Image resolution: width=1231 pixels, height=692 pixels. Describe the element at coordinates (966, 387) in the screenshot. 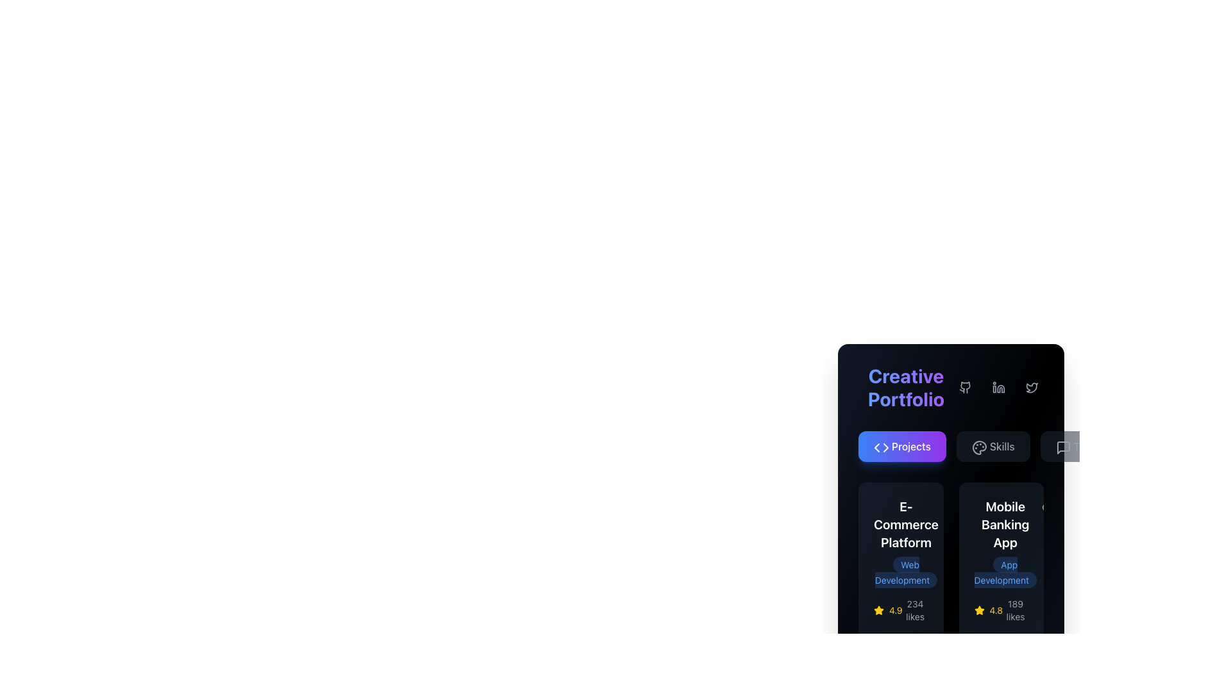

I see `the GitHub icon button, which is the first icon in a horizontal row of three social media icons located in the top-right section of the card` at that location.